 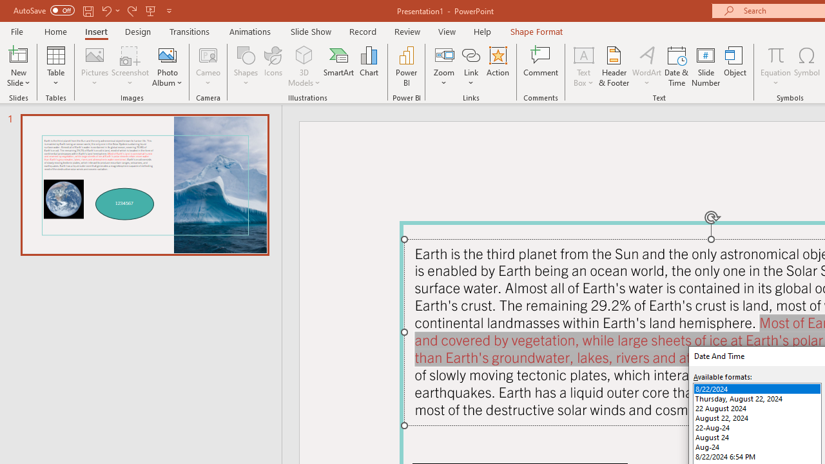 What do you see at coordinates (130, 66) in the screenshot?
I see `'Screenshot'` at bounding box center [130, 66].